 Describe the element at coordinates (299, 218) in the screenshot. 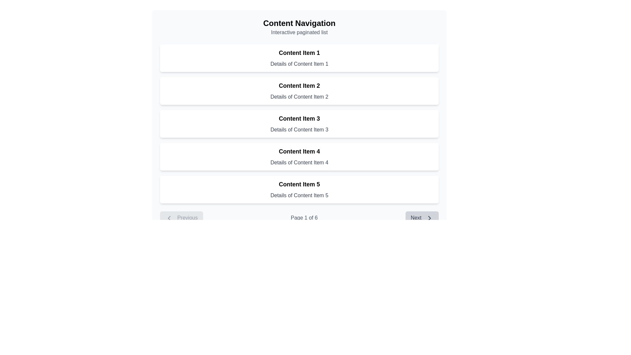

I see `the static text label that states 'Page 1 of 6', which is centrally located in the pagination bar at the bottom of the interface` at that location.